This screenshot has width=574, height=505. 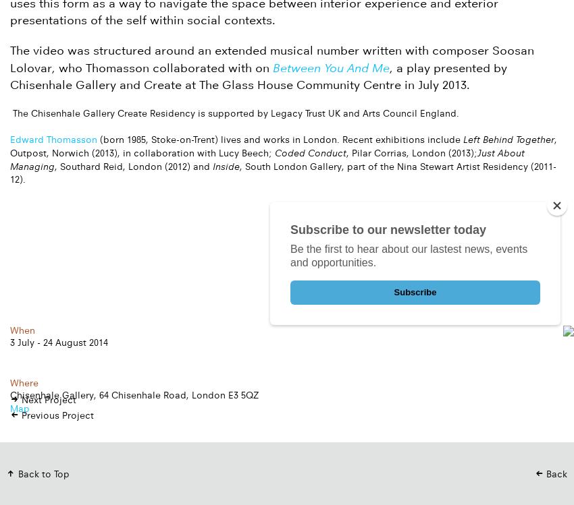 What do you see at coordinates (132, 165) in the screenshot?
I see `', Southard Reid, London (2012) and'` at bounding box center [132, 165].